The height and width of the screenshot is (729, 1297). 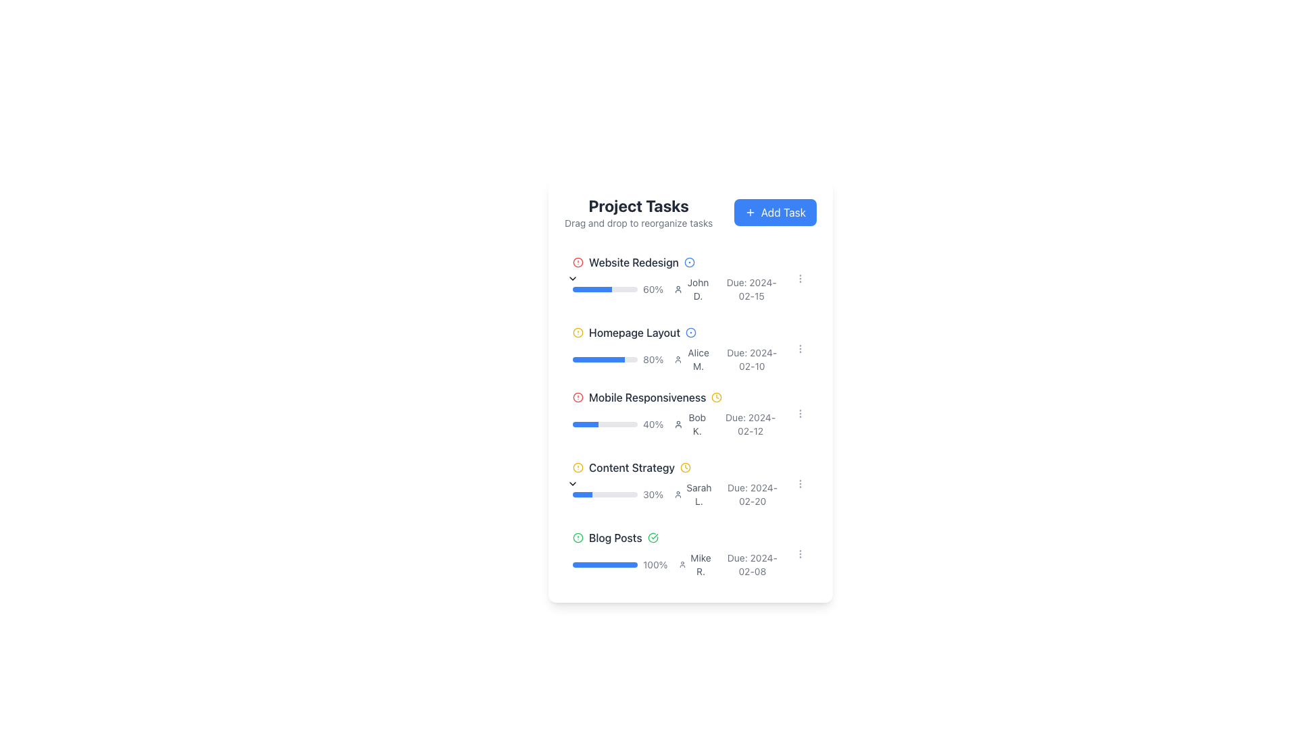 I want to click on text that indicates the person assigned to the task, located in the 'Blog Posts' task row to the right of the task progress bar, so click(x=695, y=565).